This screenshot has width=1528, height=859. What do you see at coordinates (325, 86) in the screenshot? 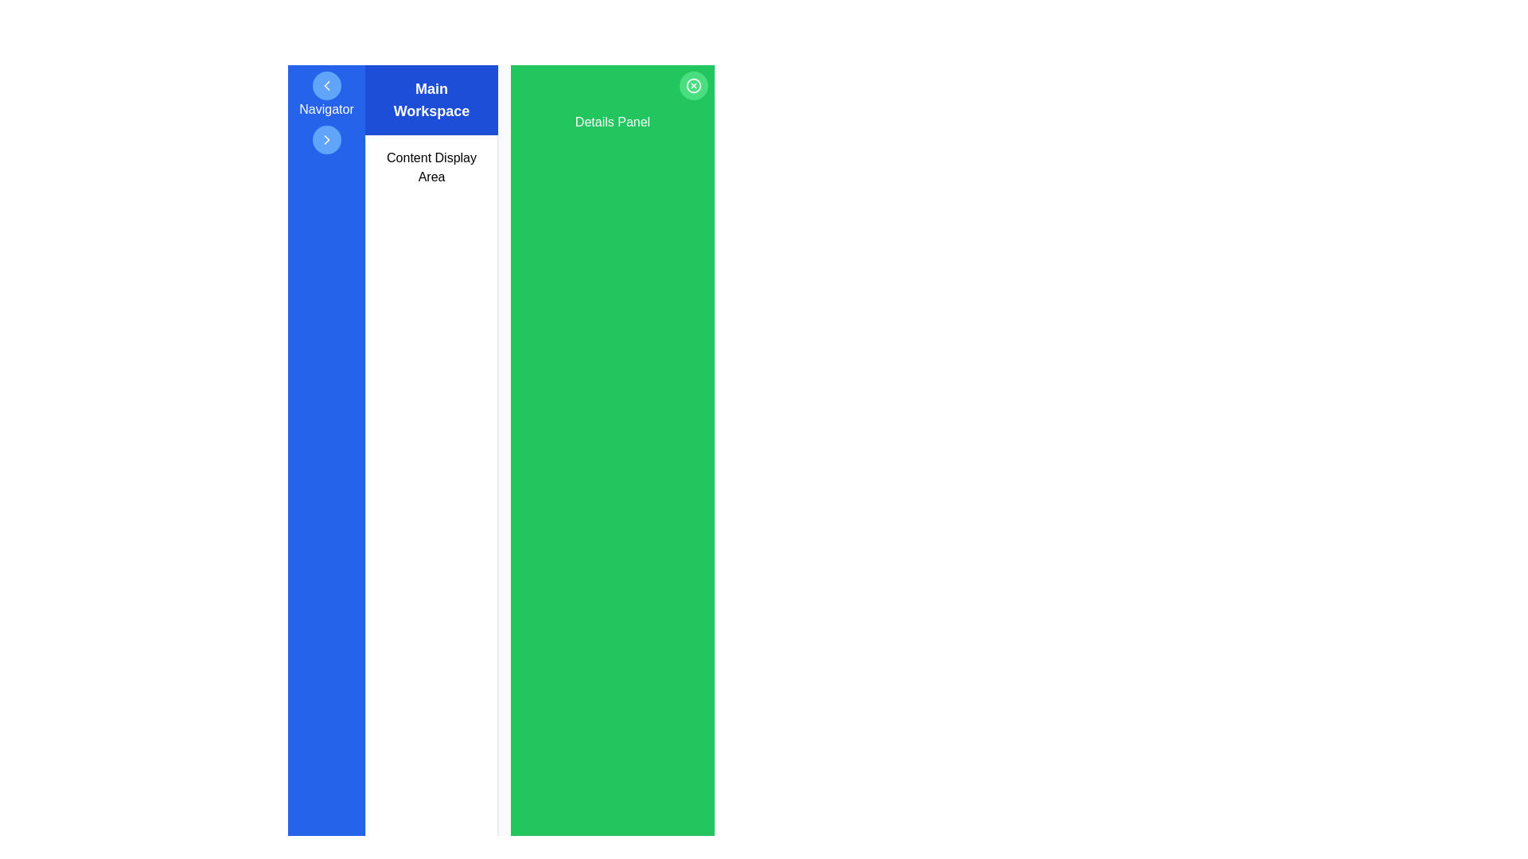
I see `the chevron left vector graphic icon located within the round button on the left navigation panel, which is the second interactive icon below the 'Navigator' label` at bounding box center [325, 86].